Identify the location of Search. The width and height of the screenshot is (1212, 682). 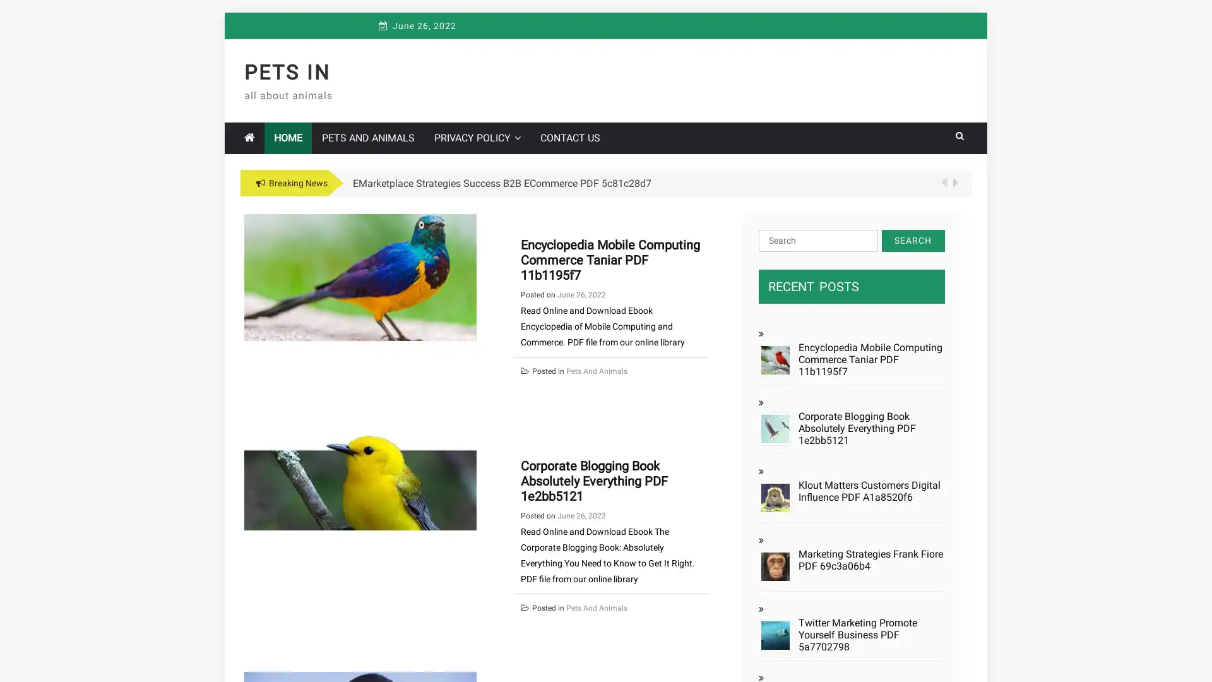
(912, 240).